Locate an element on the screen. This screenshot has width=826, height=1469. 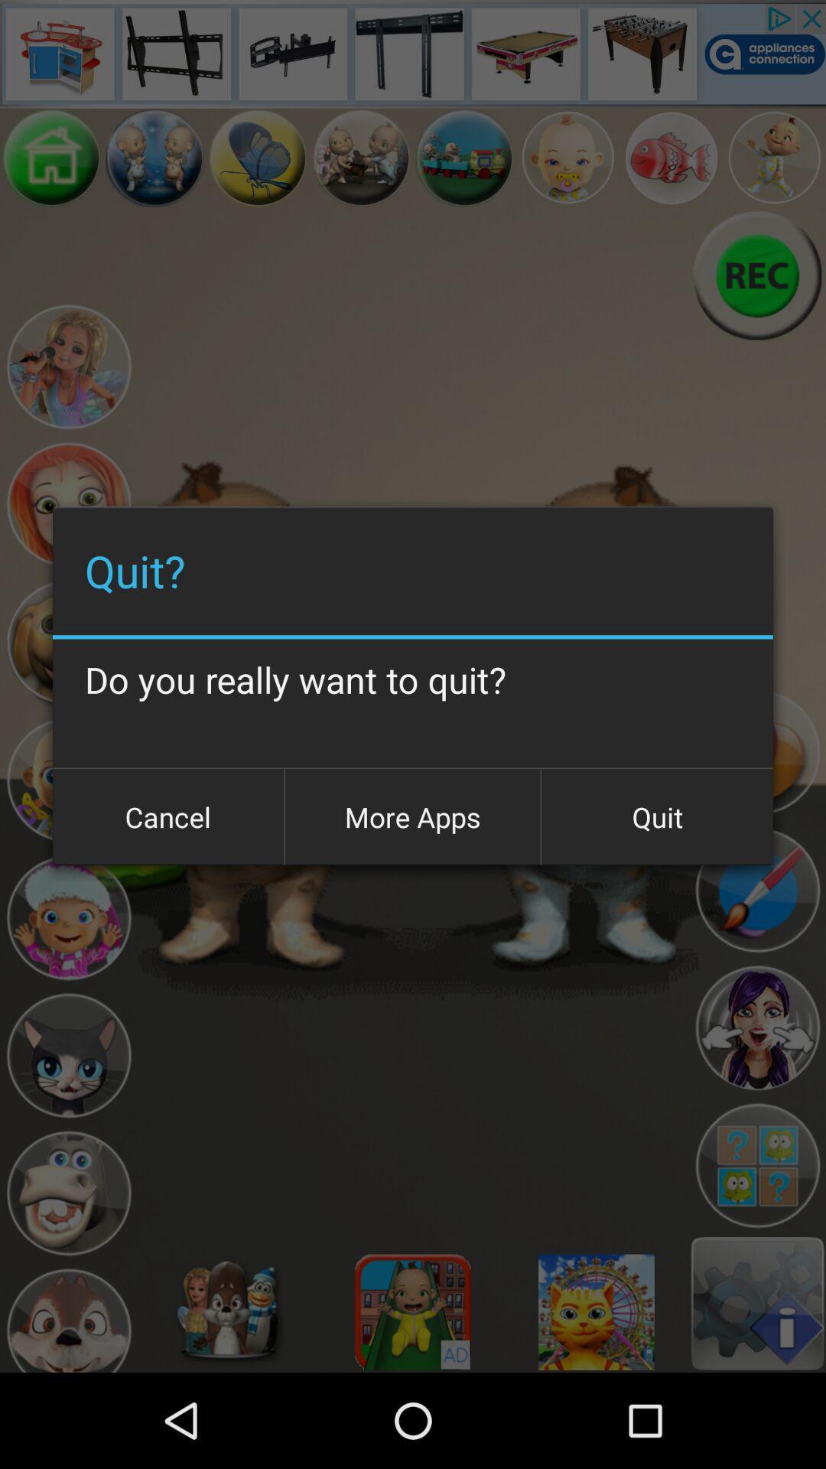
game is located at coordinates (67, 367).